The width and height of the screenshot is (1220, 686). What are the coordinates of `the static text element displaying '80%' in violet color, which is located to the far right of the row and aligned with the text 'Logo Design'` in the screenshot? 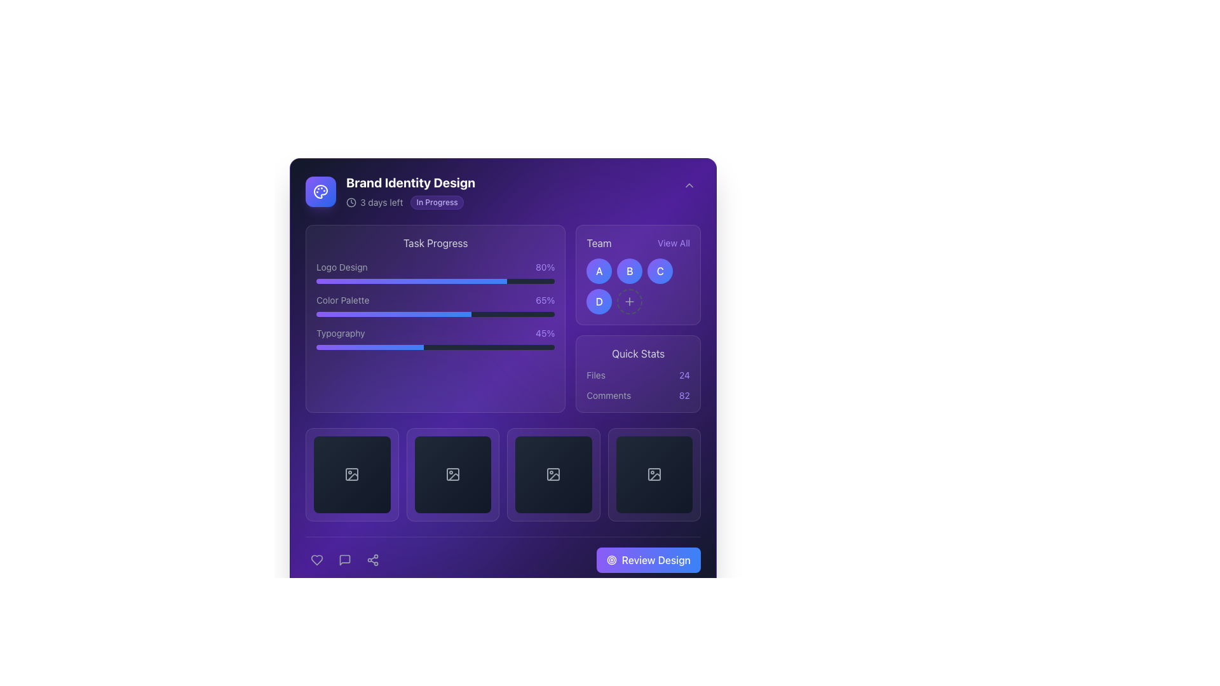 It's located at (545, 266).